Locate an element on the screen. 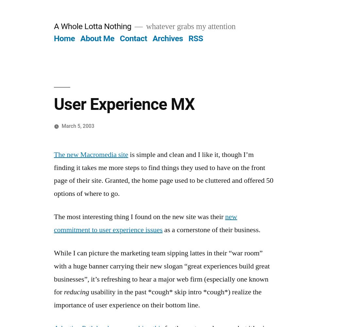 This screenshot has width=343, height=327. 'March 5, 2003' is located at coordinates (78, 126).